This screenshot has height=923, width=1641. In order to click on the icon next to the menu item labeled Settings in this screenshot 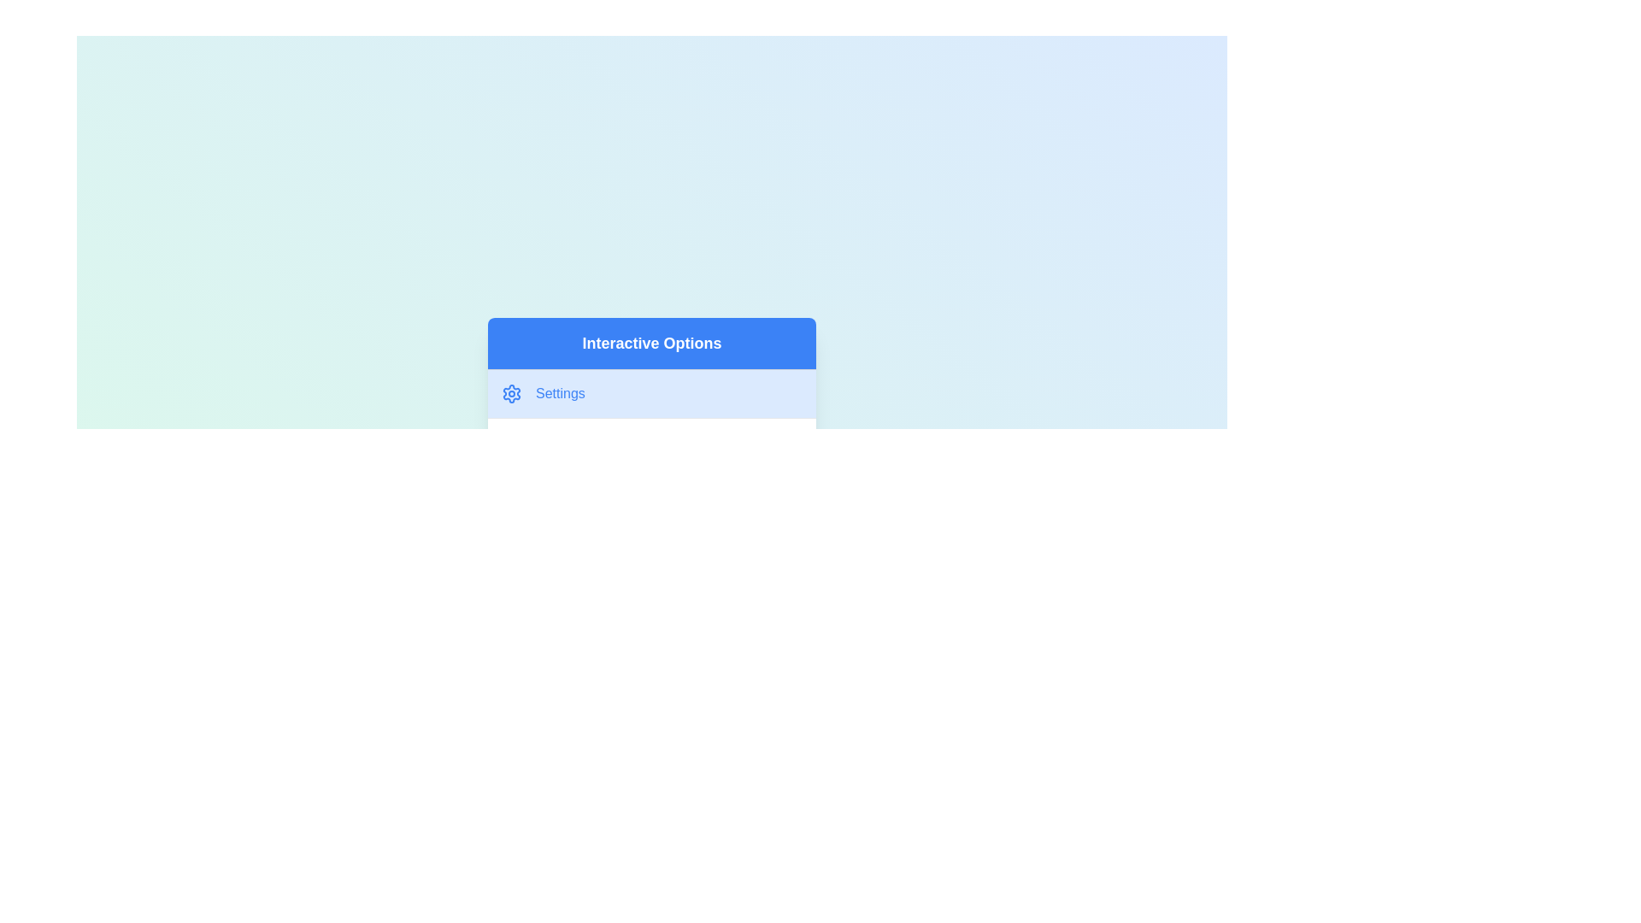, I will do `click(511, 394)`.